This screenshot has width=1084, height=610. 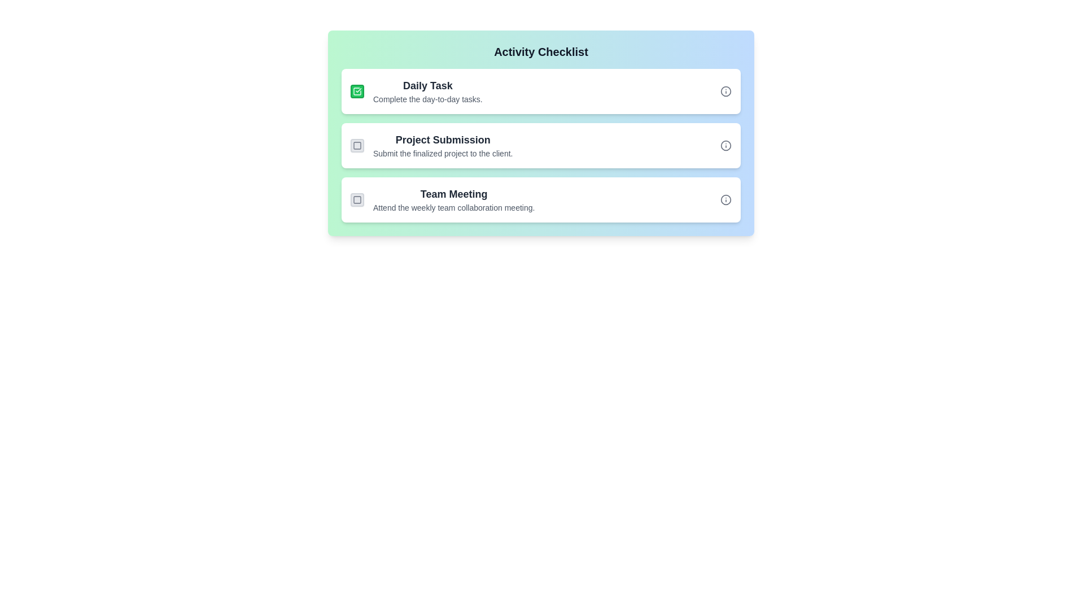 I want to click on the checkbox located to the left of the 'Team Meeting' label in the checklist, which is the third item in the list, so click(x=357, y=199).